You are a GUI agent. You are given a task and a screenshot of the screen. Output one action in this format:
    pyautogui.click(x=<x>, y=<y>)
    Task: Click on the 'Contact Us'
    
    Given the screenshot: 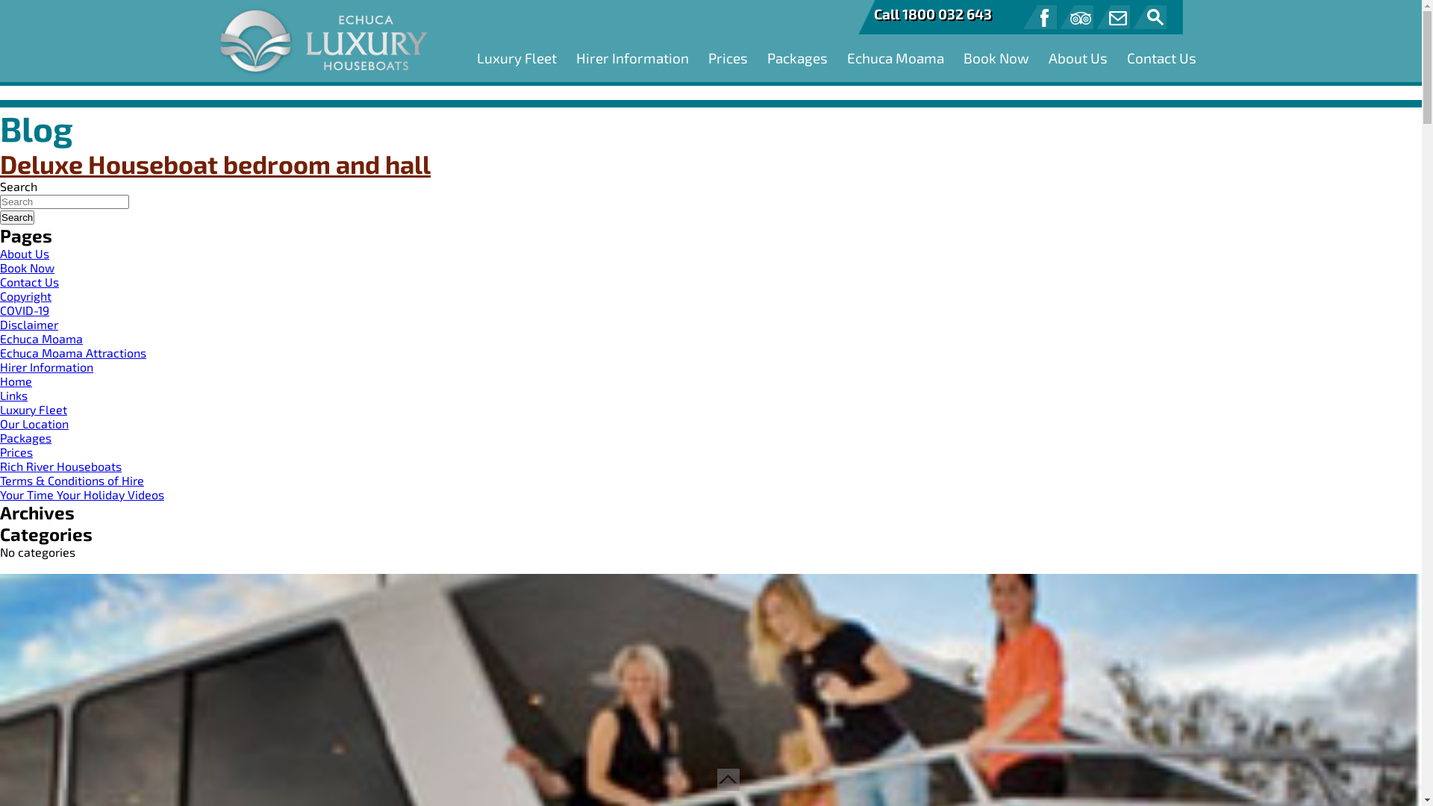 What is the action you would take?
    pyautogui.click(x=1114, y=57)
    